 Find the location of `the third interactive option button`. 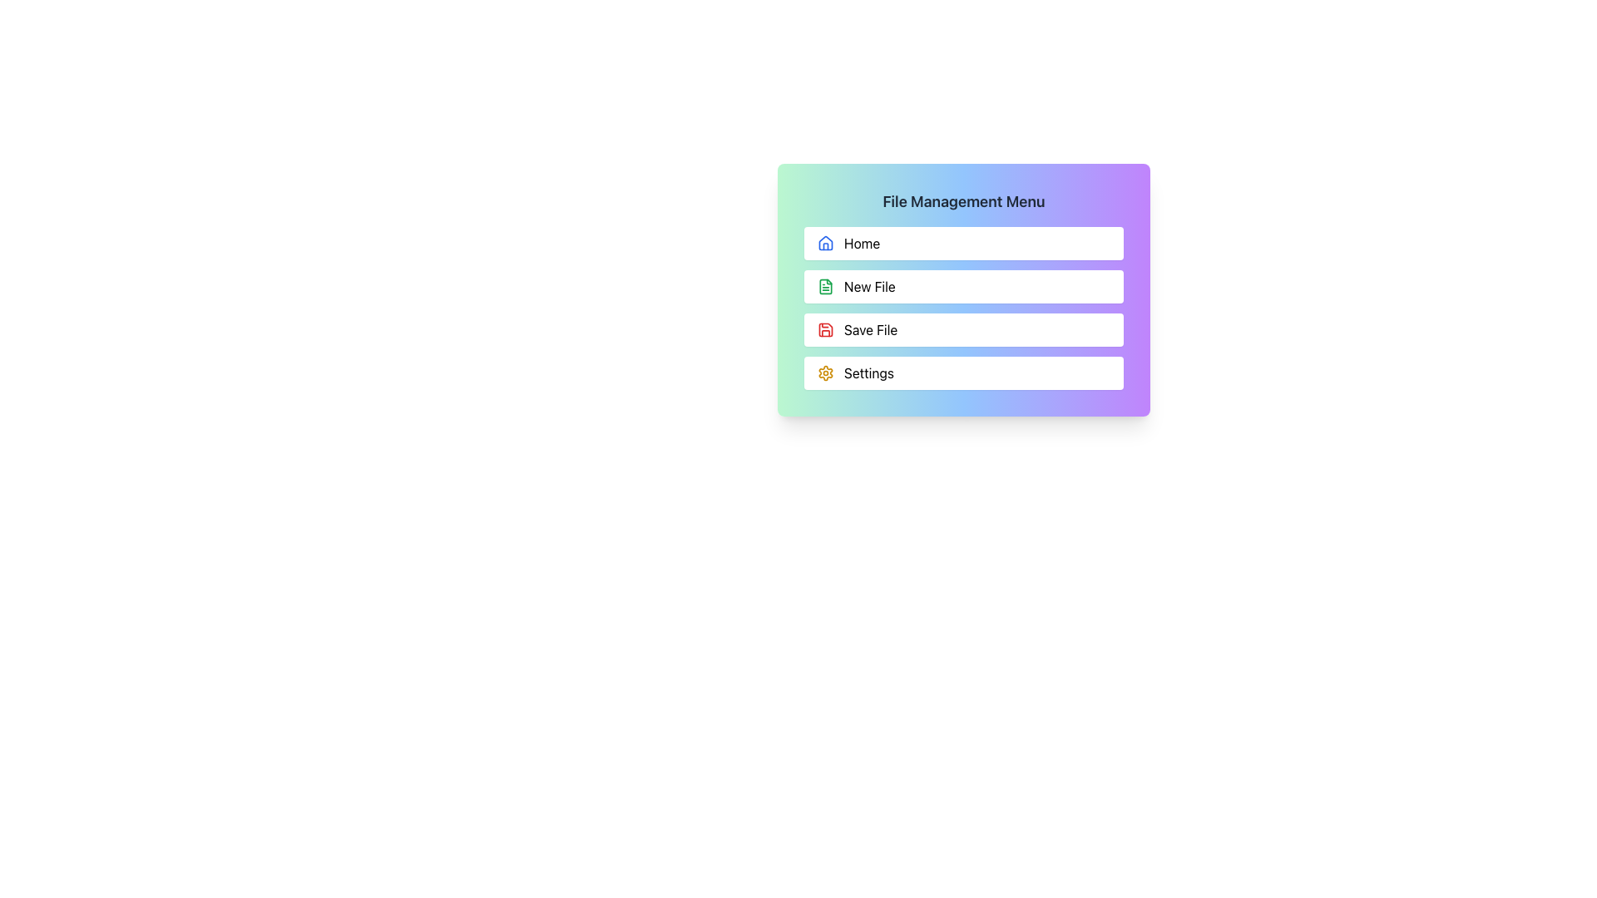

the third interactive option button is located at coordinates (963, 308).